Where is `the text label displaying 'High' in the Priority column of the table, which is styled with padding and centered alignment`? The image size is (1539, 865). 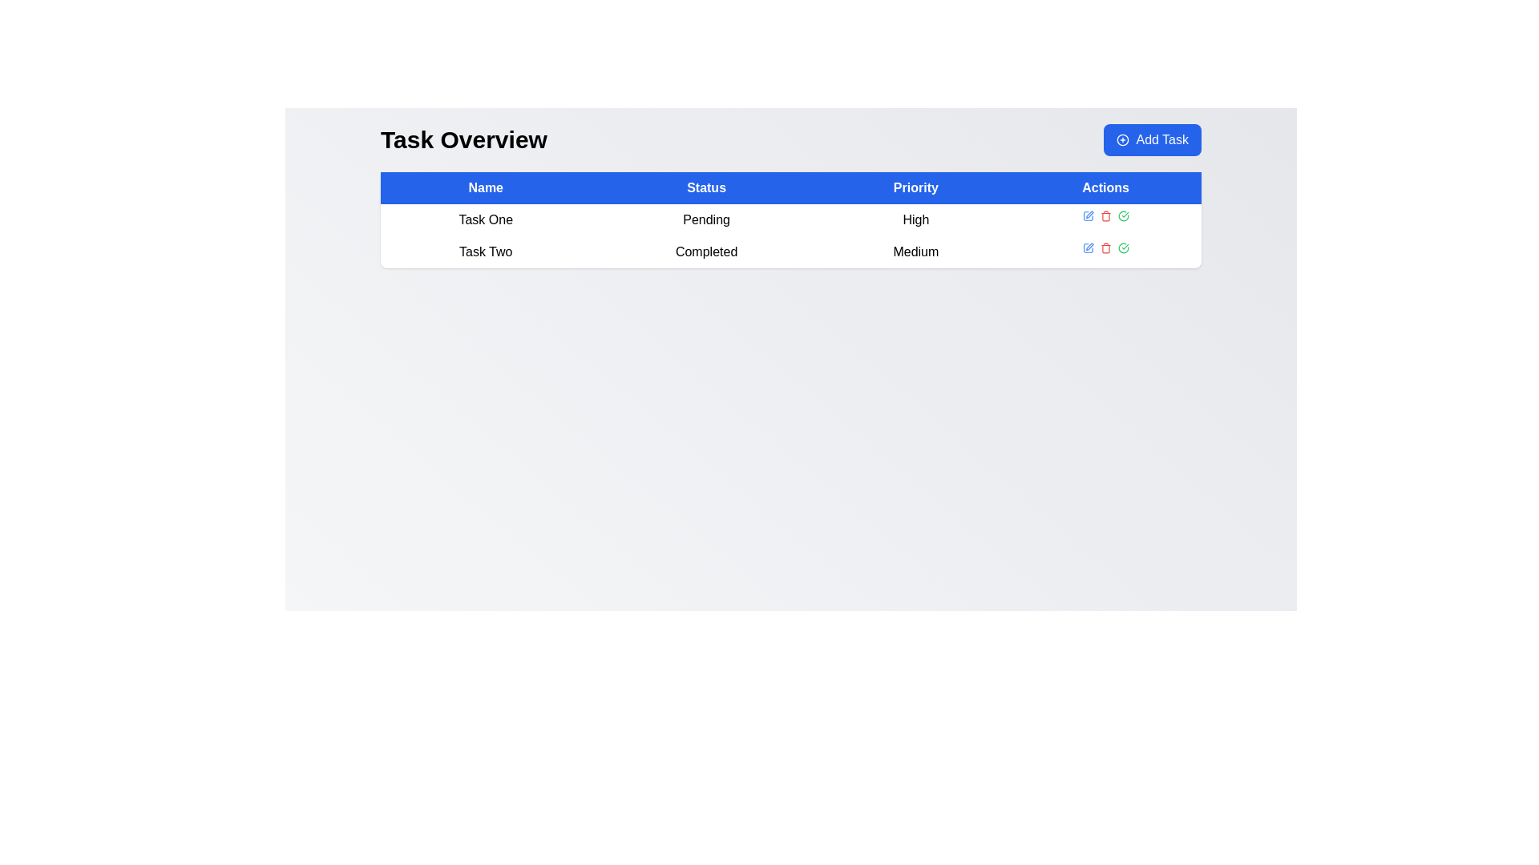 the text label displaying 'High' in the Priority column of the table, which is styled with padding and centered alignment is located at coordinates (915, 219).